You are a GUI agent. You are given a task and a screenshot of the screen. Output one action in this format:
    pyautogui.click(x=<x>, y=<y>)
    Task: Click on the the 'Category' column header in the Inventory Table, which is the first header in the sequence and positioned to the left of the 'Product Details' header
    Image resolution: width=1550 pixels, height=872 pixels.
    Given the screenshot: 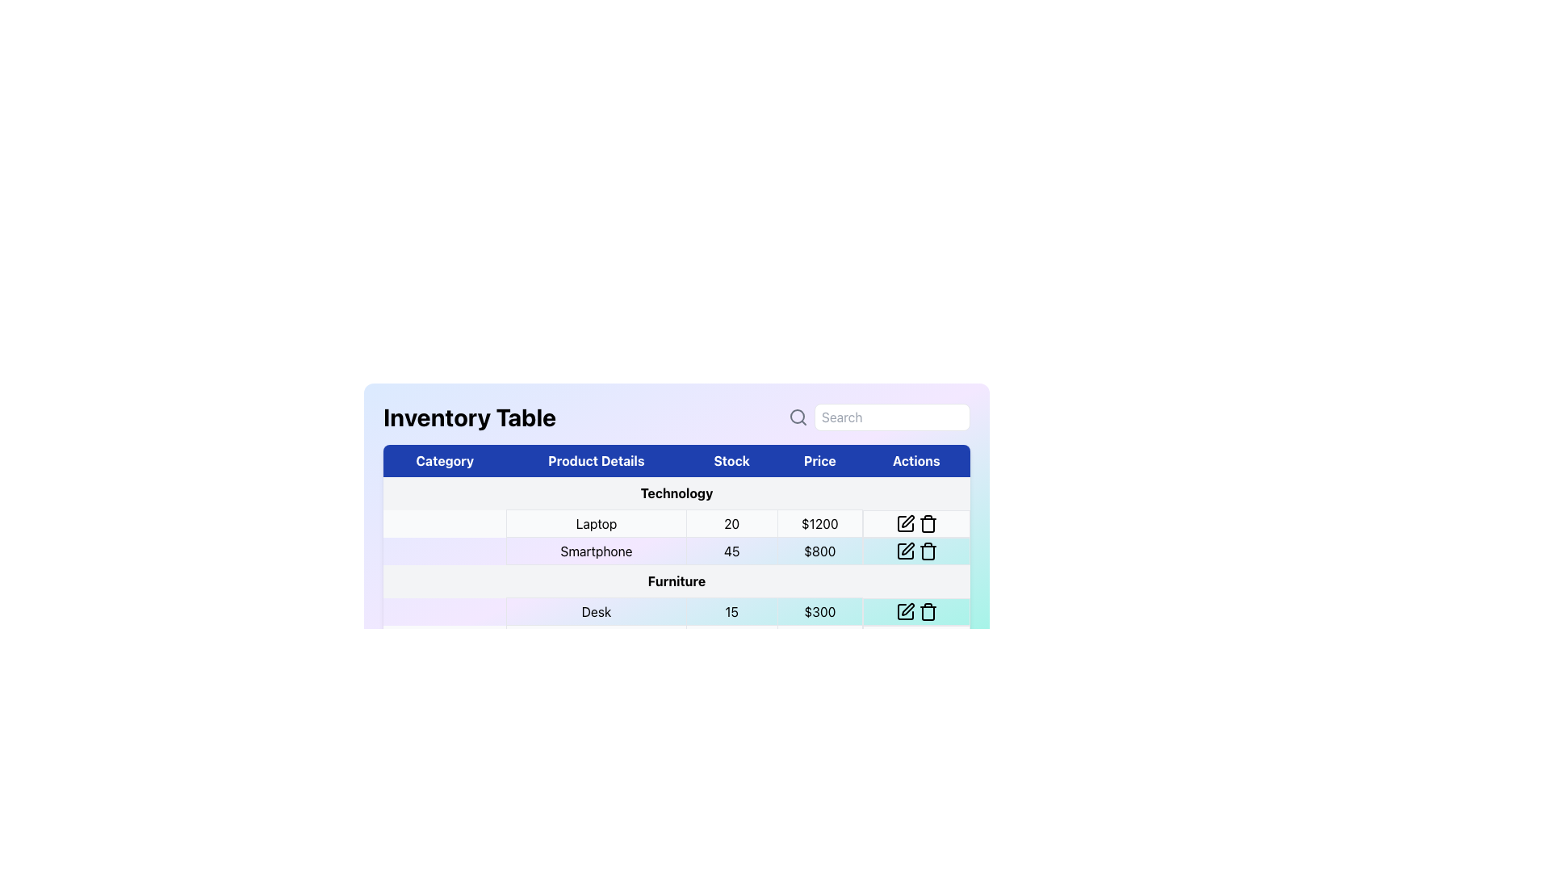 What is the action you would take?
    pyautogui.click(x=445, y=460)
    